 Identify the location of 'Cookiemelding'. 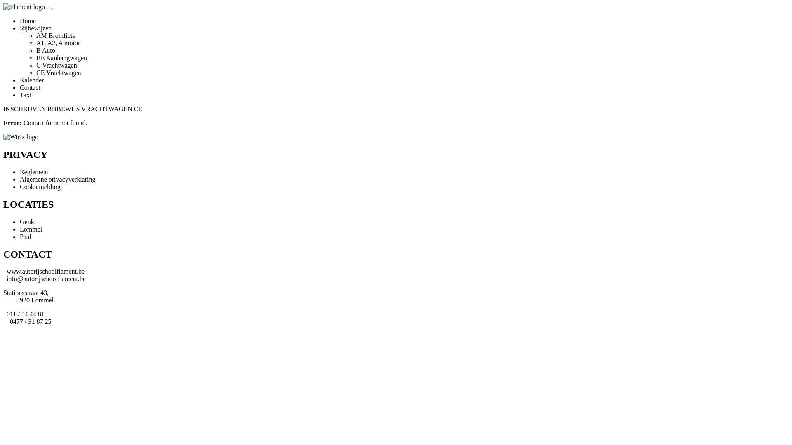
(20, 187).